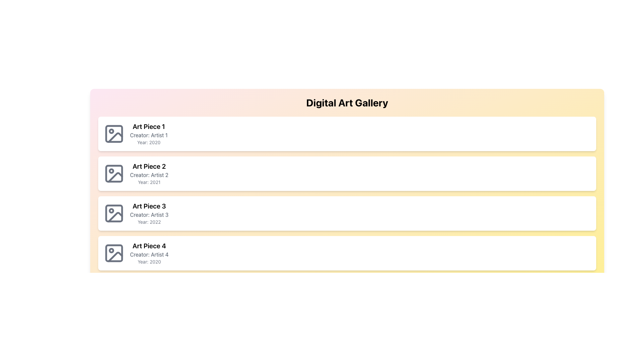 The width and height of the screenshot is (637, 358). I want to click on text segment labeled 'Creator: Artist 4' which is styled as secondary information and located between the title 'Art Piece 4' and the line 'Year: 2020', so click(149, 254).